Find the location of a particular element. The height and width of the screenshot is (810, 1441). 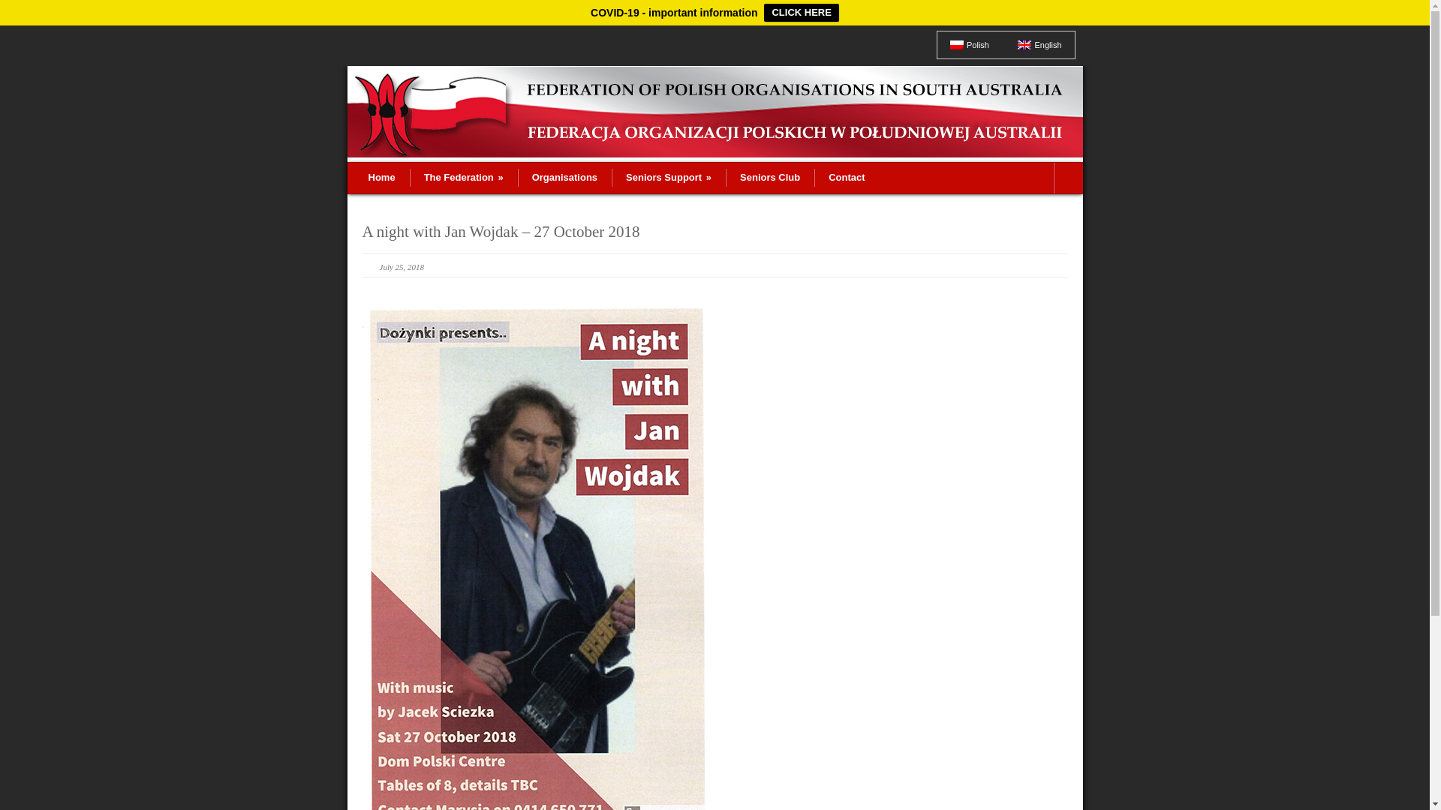

'English' is located at coordinates (1023, 44).